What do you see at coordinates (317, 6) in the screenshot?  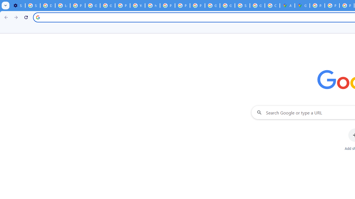 I see `'Policy Accountability and Transparency - Transparency Center'` at bounding box center [317, 6].